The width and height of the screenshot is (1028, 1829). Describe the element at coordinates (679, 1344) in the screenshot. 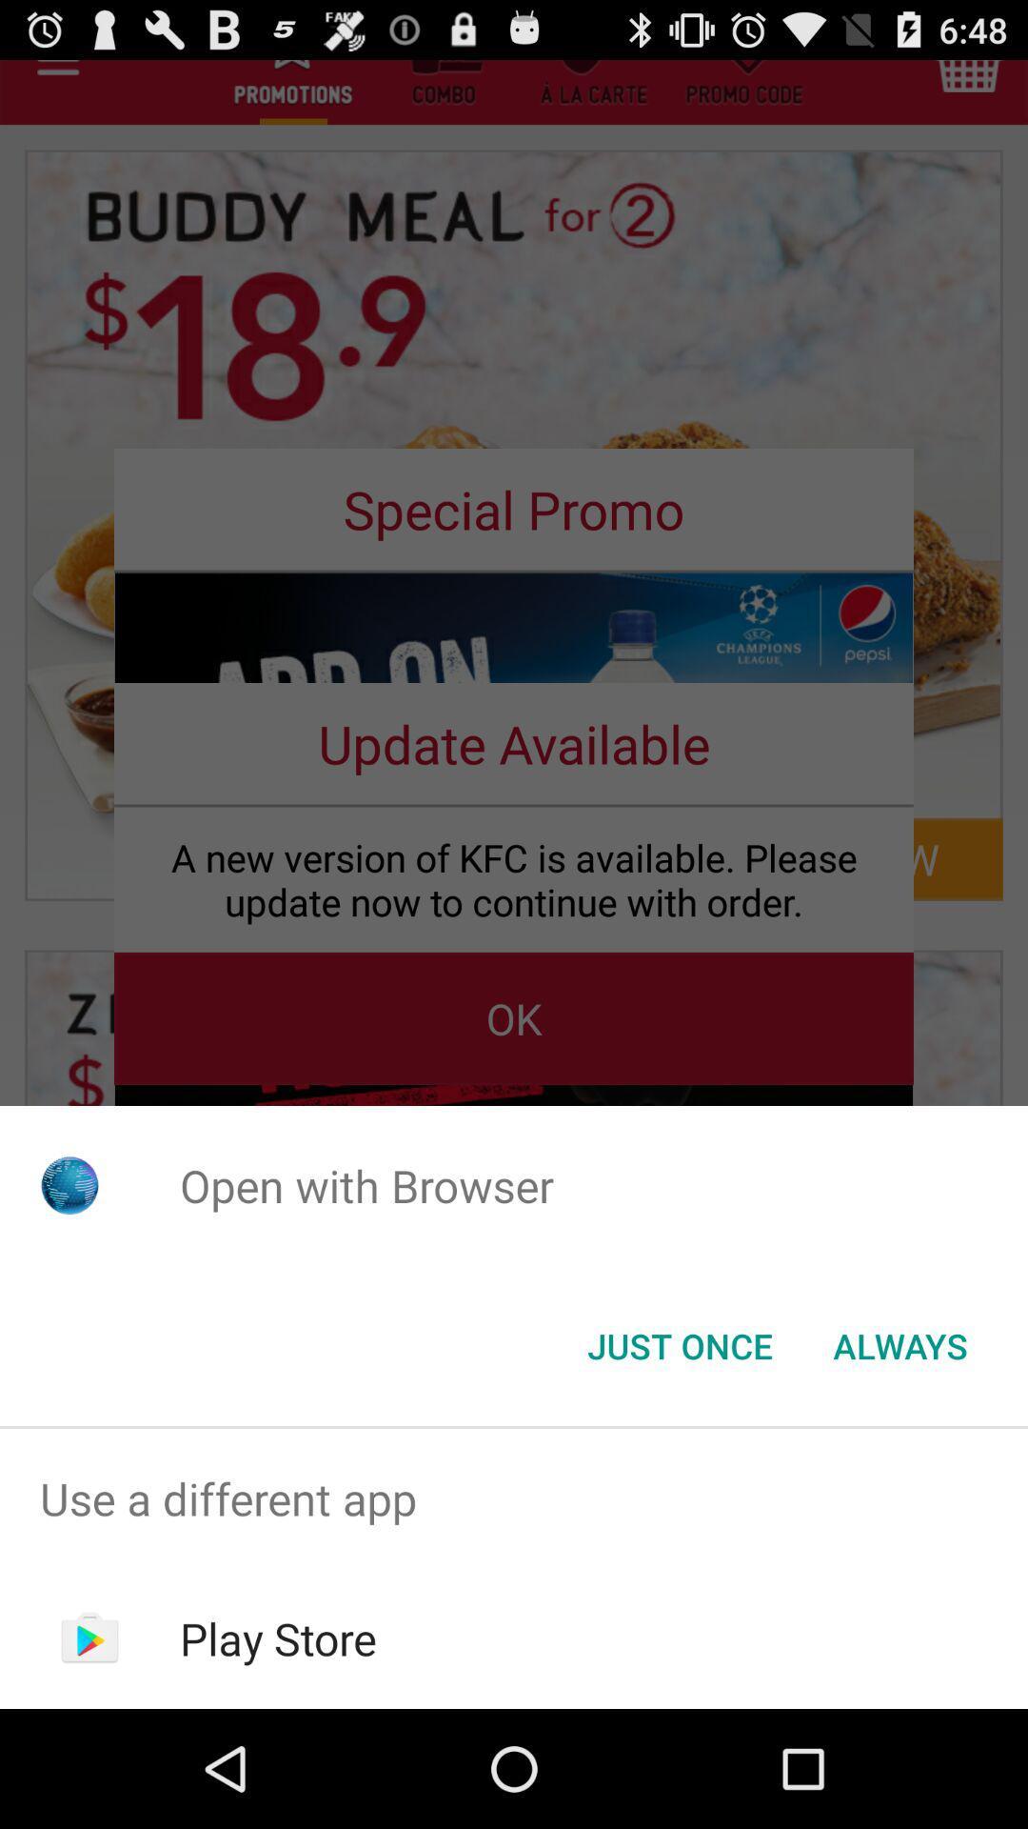

I see `the just once` at that location.